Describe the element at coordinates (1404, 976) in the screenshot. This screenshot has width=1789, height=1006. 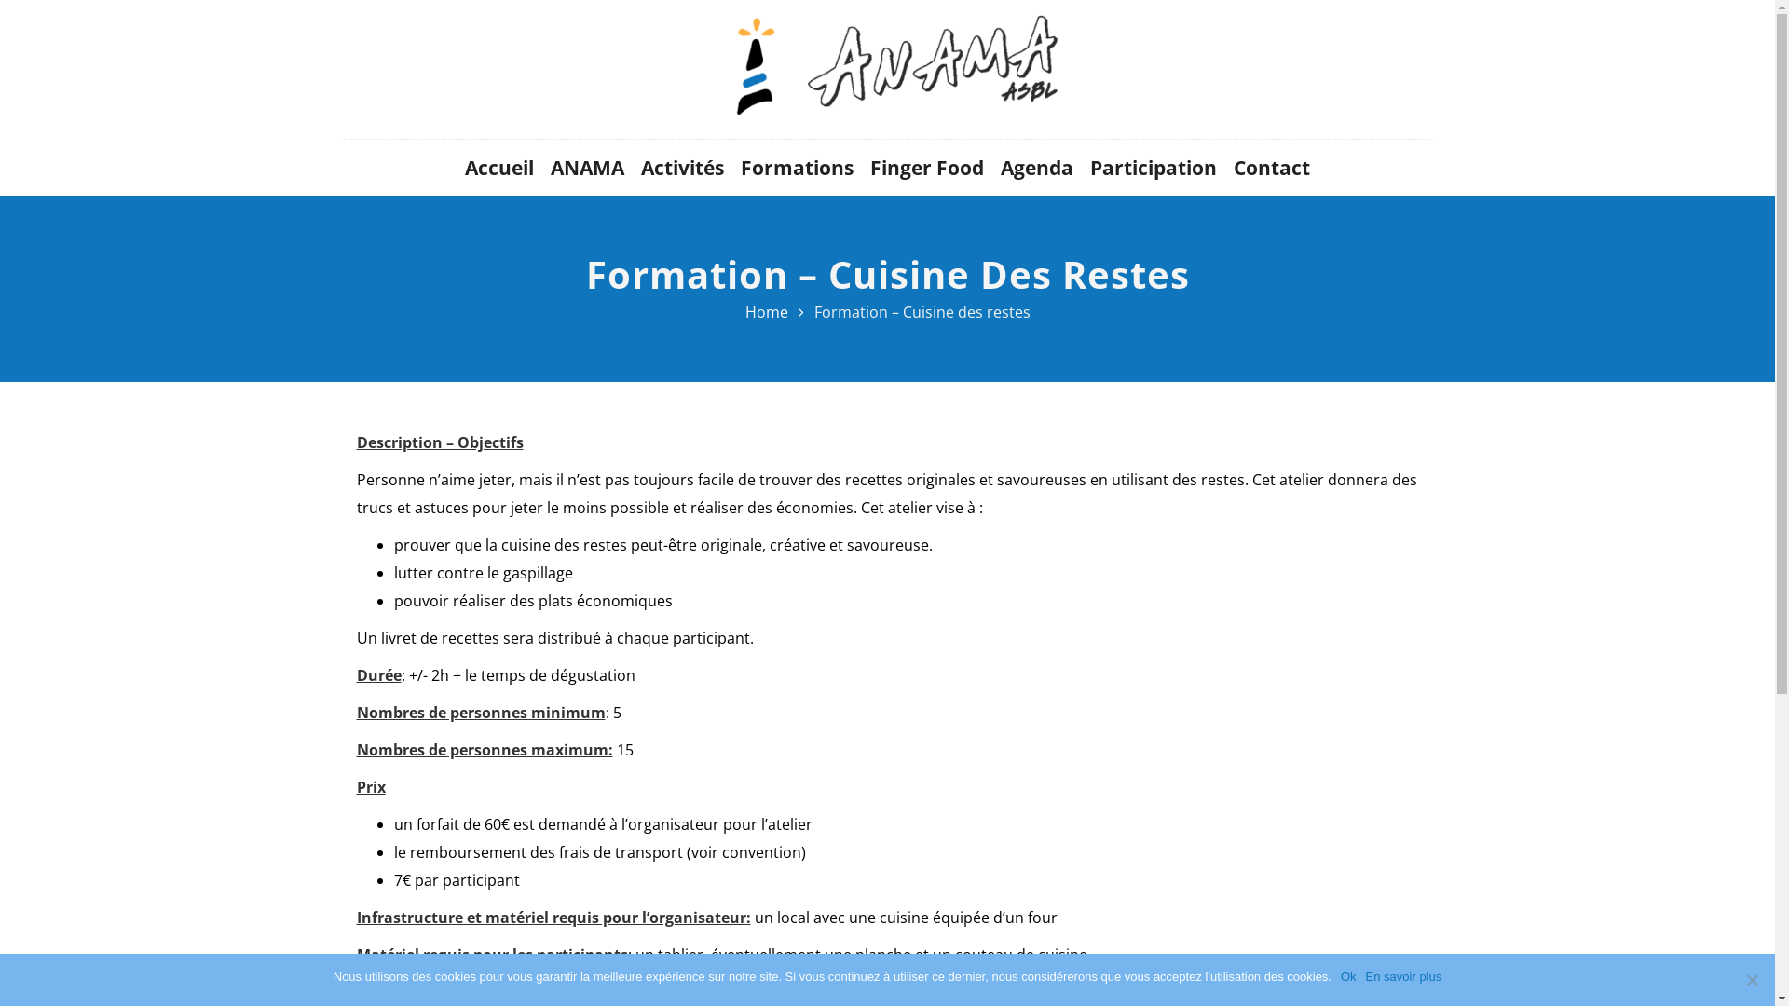
I see `'En savoir plus'` at that location.